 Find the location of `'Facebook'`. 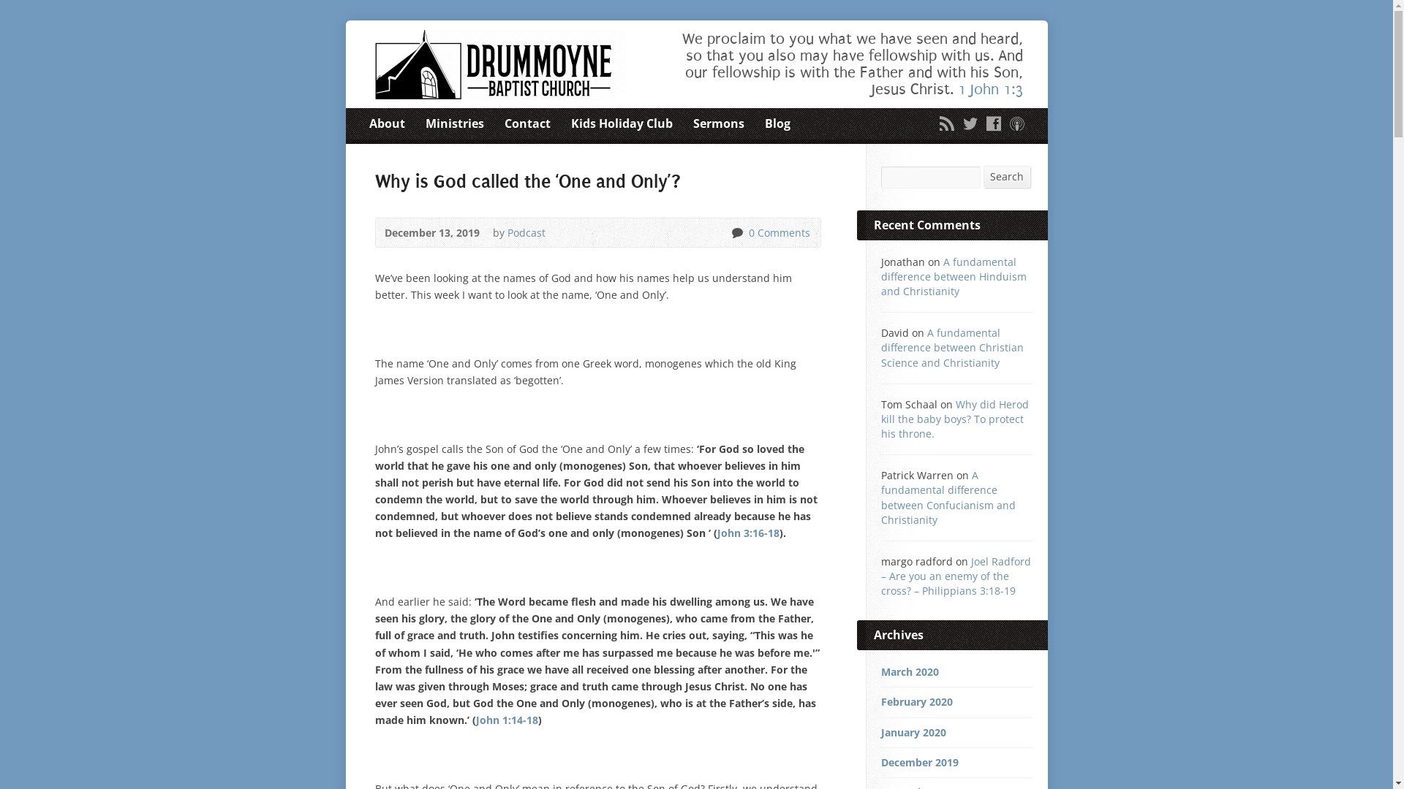

'Facebook' is located at coordinates (993, 123).